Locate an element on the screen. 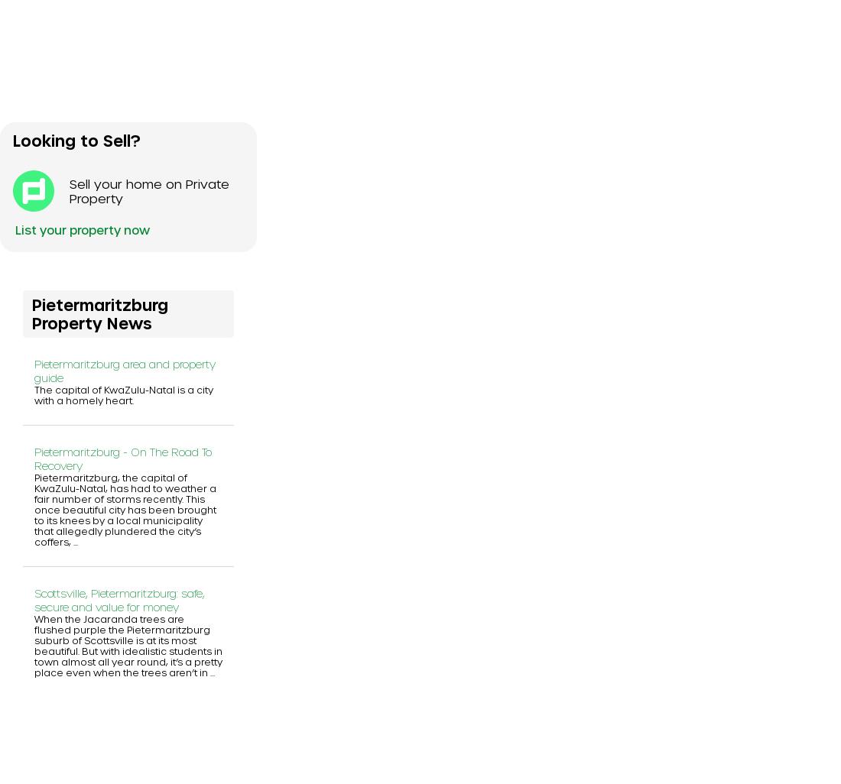  'Pietermaritzburg, the capital of KwaZulu-Natal, has had to weather a fair number of storms recently. This once beautiful city has been brought to its knees by a local municipality that allegedly plundered the city’s coffers, ...' is located at coordinates (125, 508).